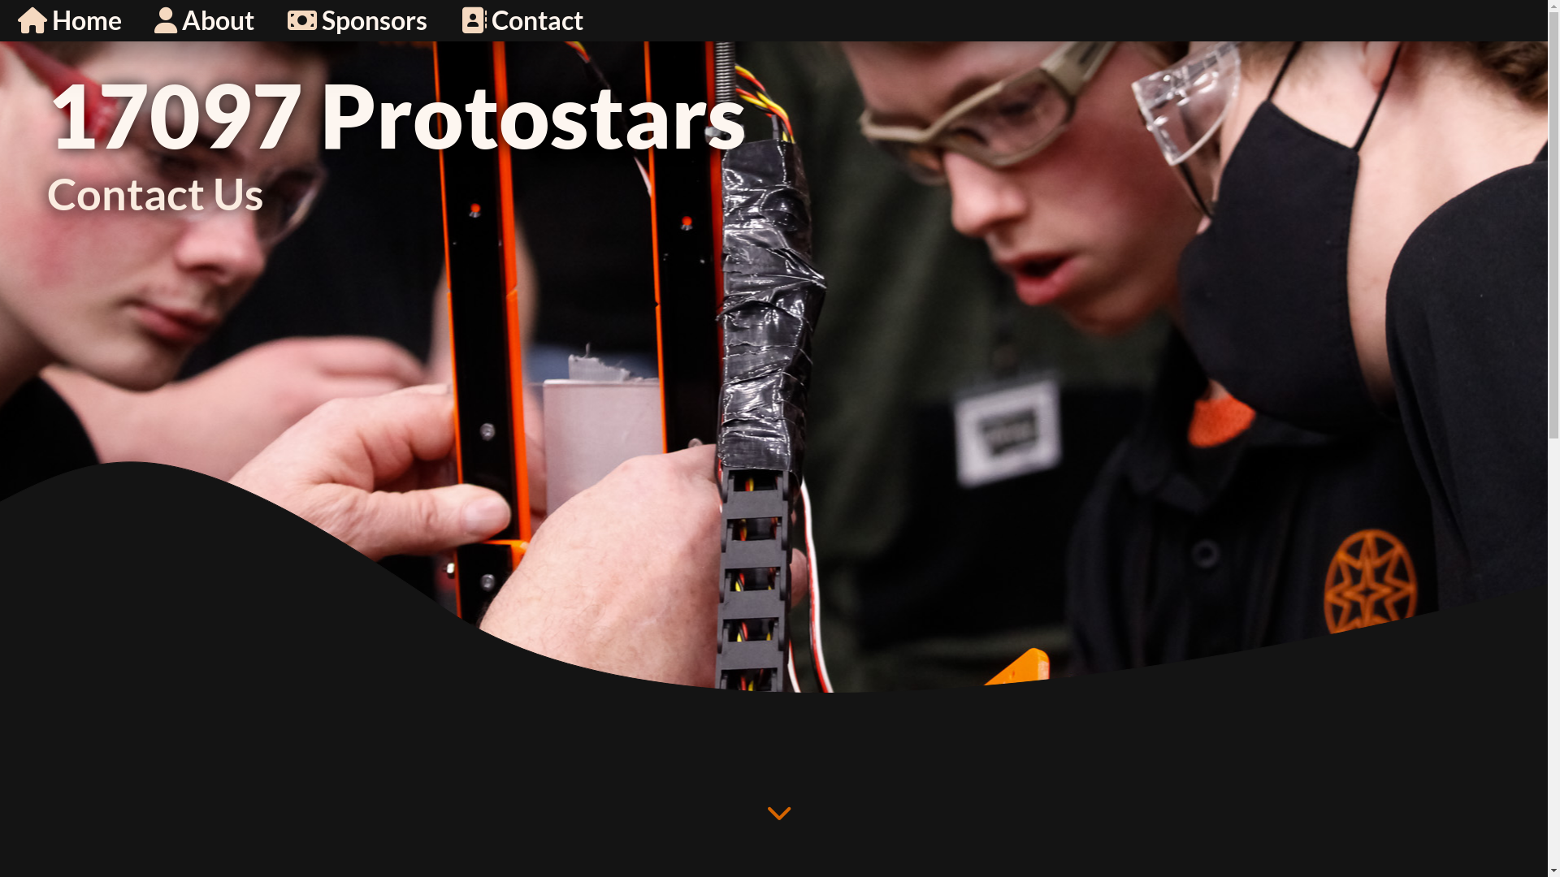 This screenshot has width=1560, height=877. What do you see at coordinates (274, 19) in the screenshot?
I see `'Sponsors'` at bounding box center [274, 19].